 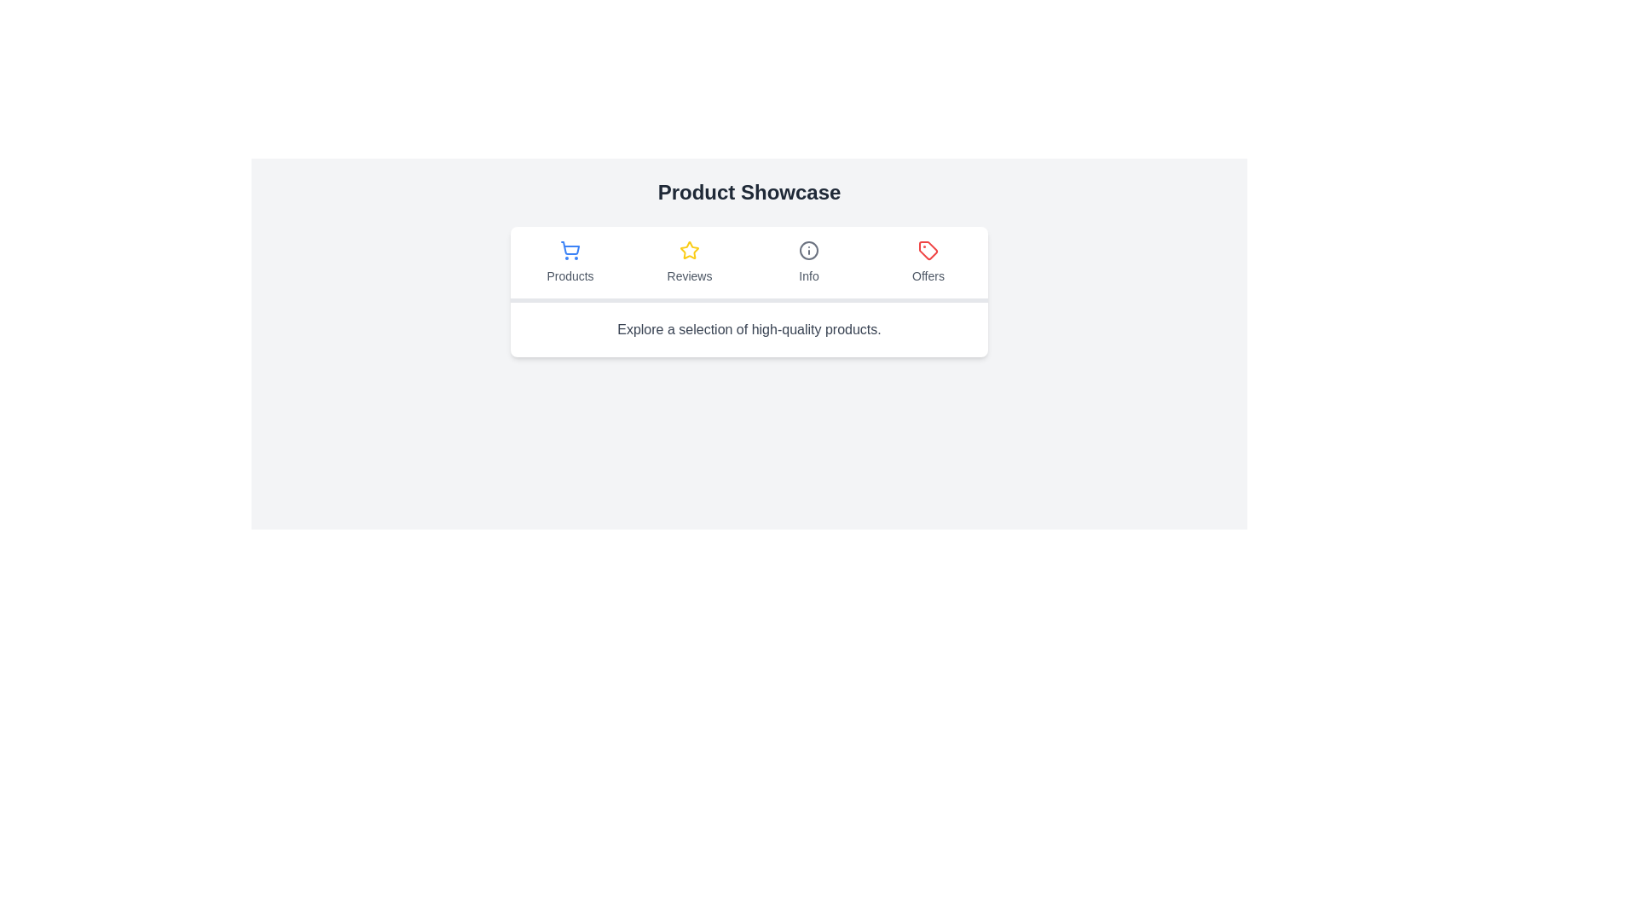 What do you see at coordinates (570, 275) in the screenshot?
I see `the 'Products' text label displayed in a sans-serif font style, which is positioned below the shopping cart icon in the first tab of the navigation bar` at bounding box center [570, 275].